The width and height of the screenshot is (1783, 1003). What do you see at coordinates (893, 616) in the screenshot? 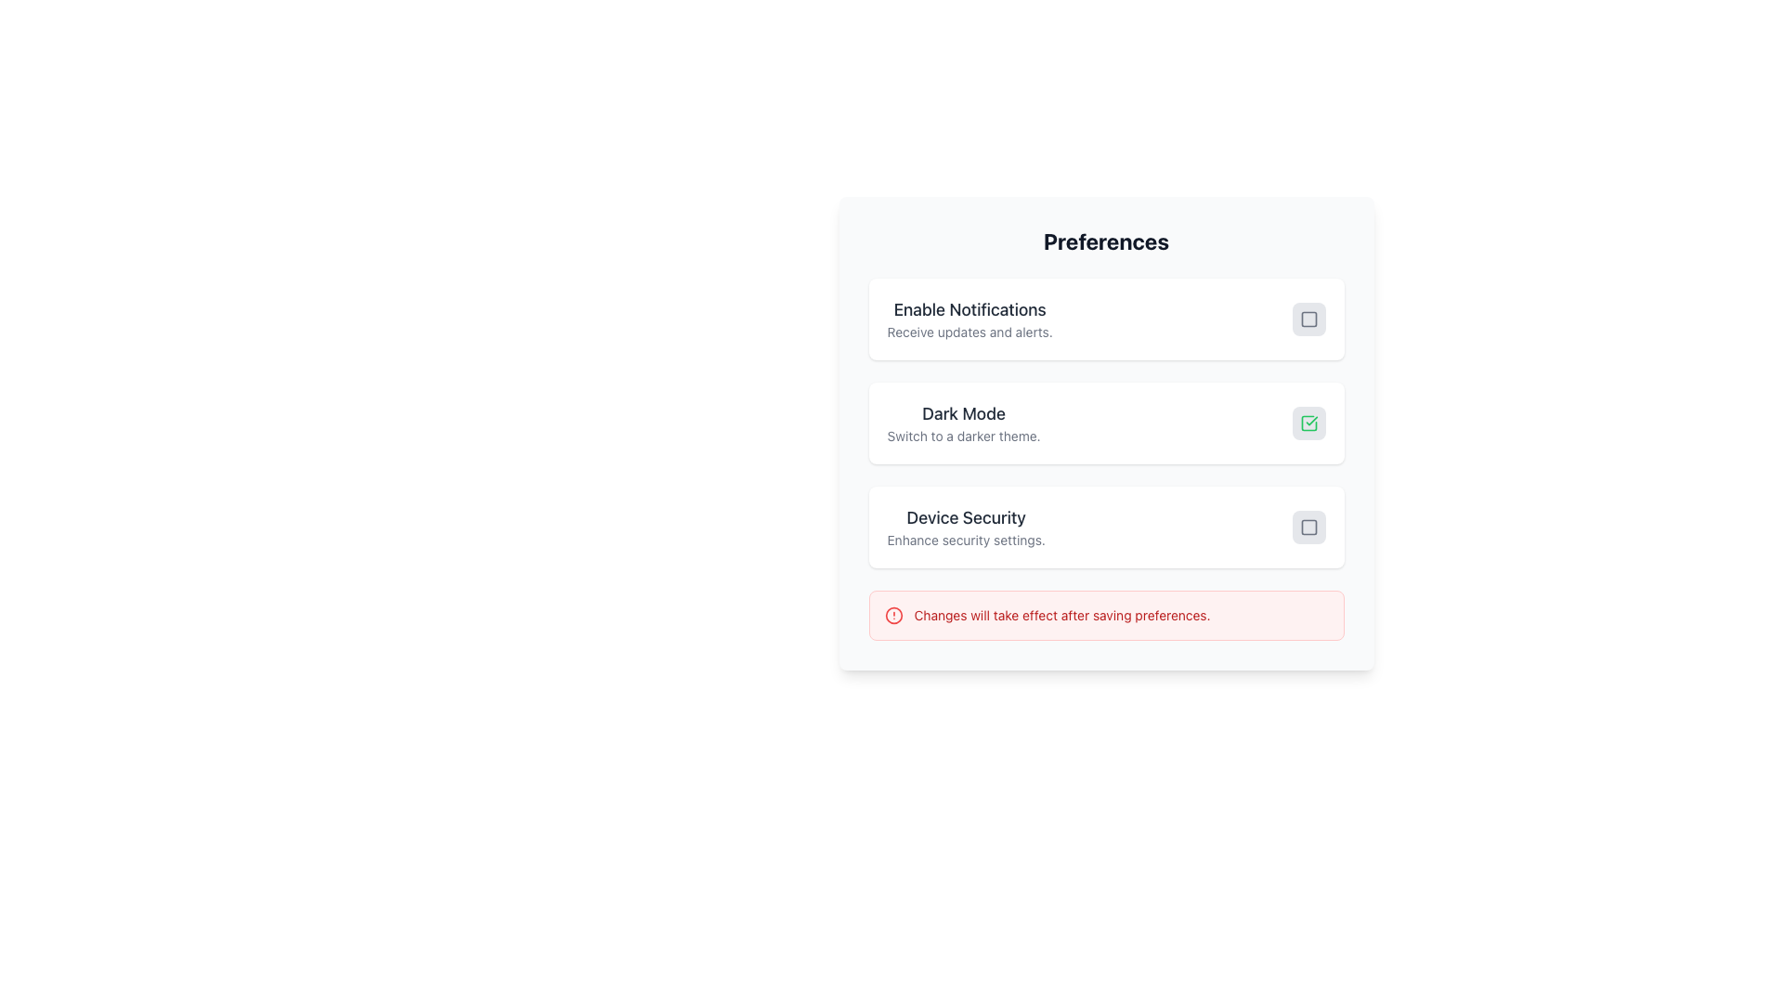
I see `the circular shape with a red border that is part of the warning icon located in the bottom section of the notification area in the settings context, next to the message 'Changes will take effect after saving preferences.'` at bounding box center [893, 616].